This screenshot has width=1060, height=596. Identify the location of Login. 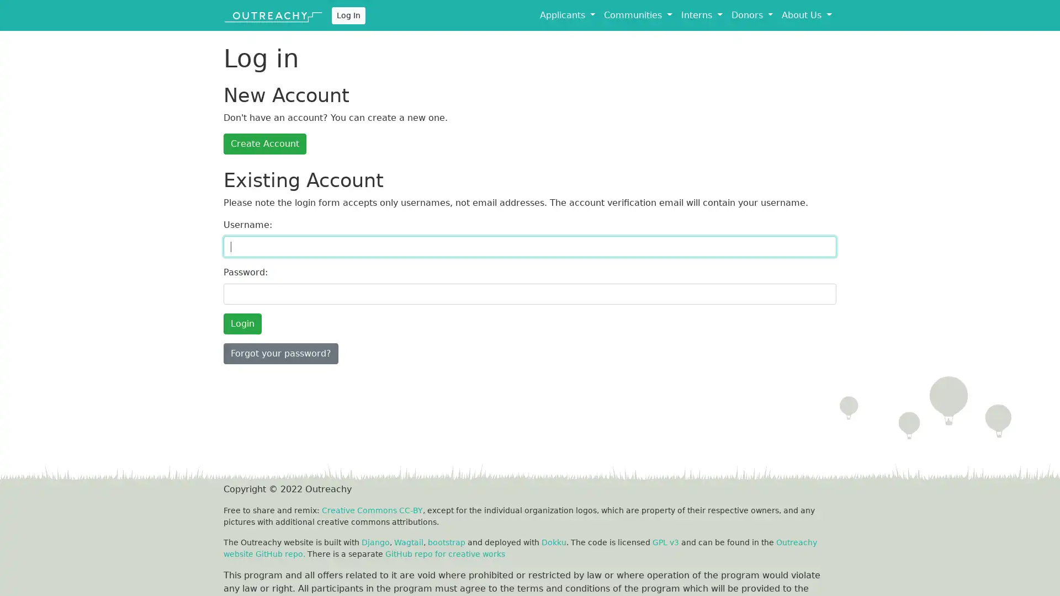
(242, 323).